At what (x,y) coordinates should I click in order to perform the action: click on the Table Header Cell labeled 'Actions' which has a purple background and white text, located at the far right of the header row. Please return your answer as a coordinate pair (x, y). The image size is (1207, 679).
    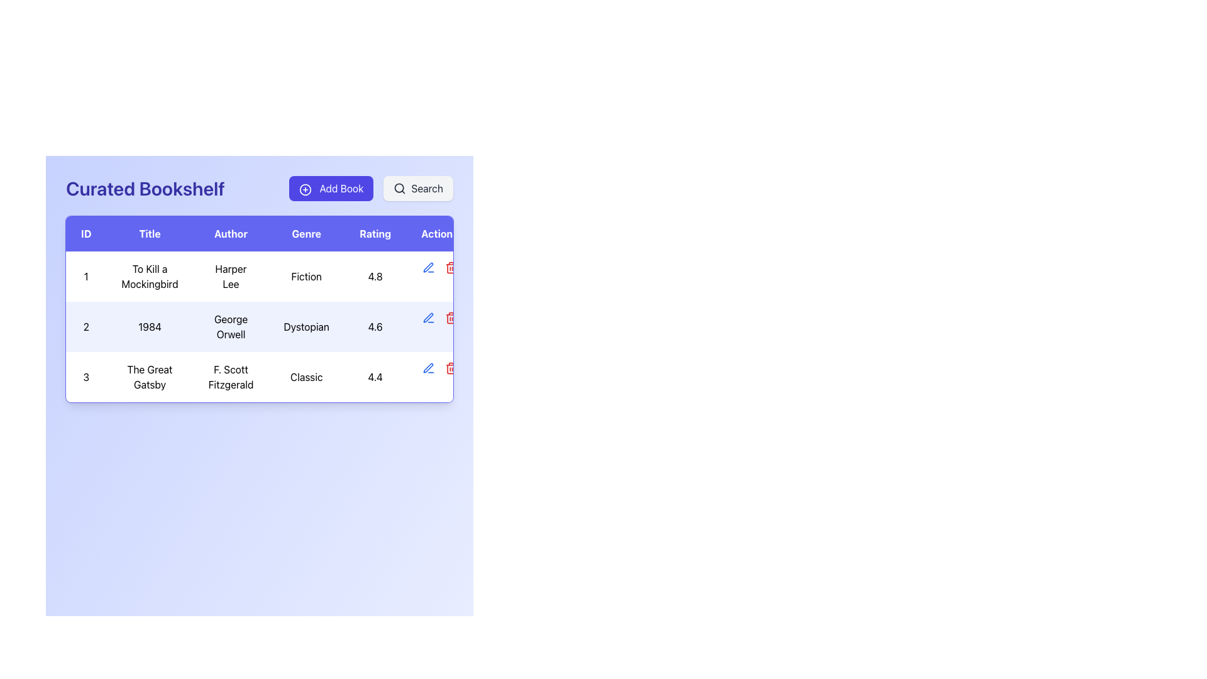
    Looking at the image, I should click on (439, 233).